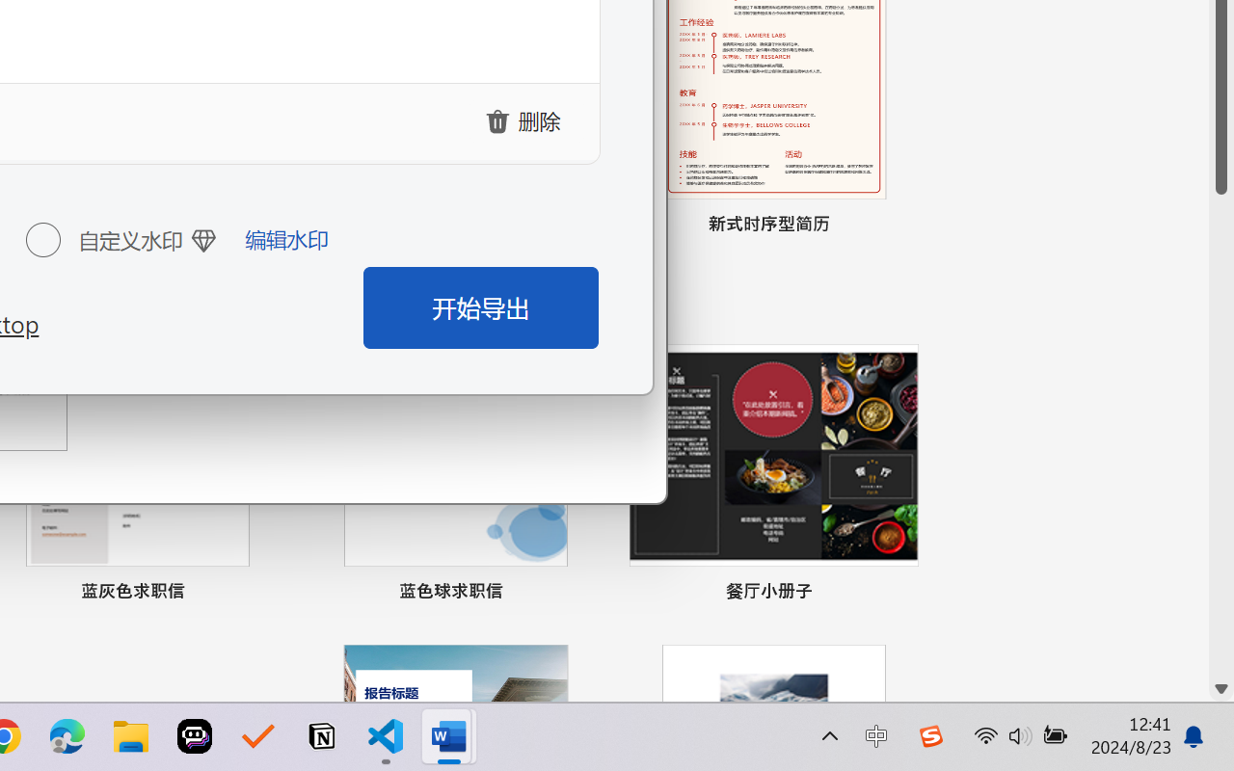 This screenshot has width=1234, height=771. I want to click on 'Microsoft Edge', so click(67, 736).